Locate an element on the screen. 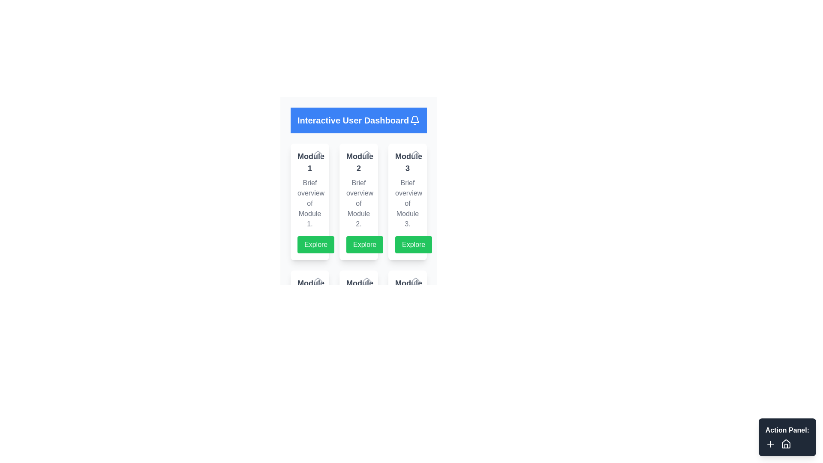 The image size is (823, 463). the house icon located at the upper-right corner of the 'Module 6' card for interaction is located at coordinates (415, 281).